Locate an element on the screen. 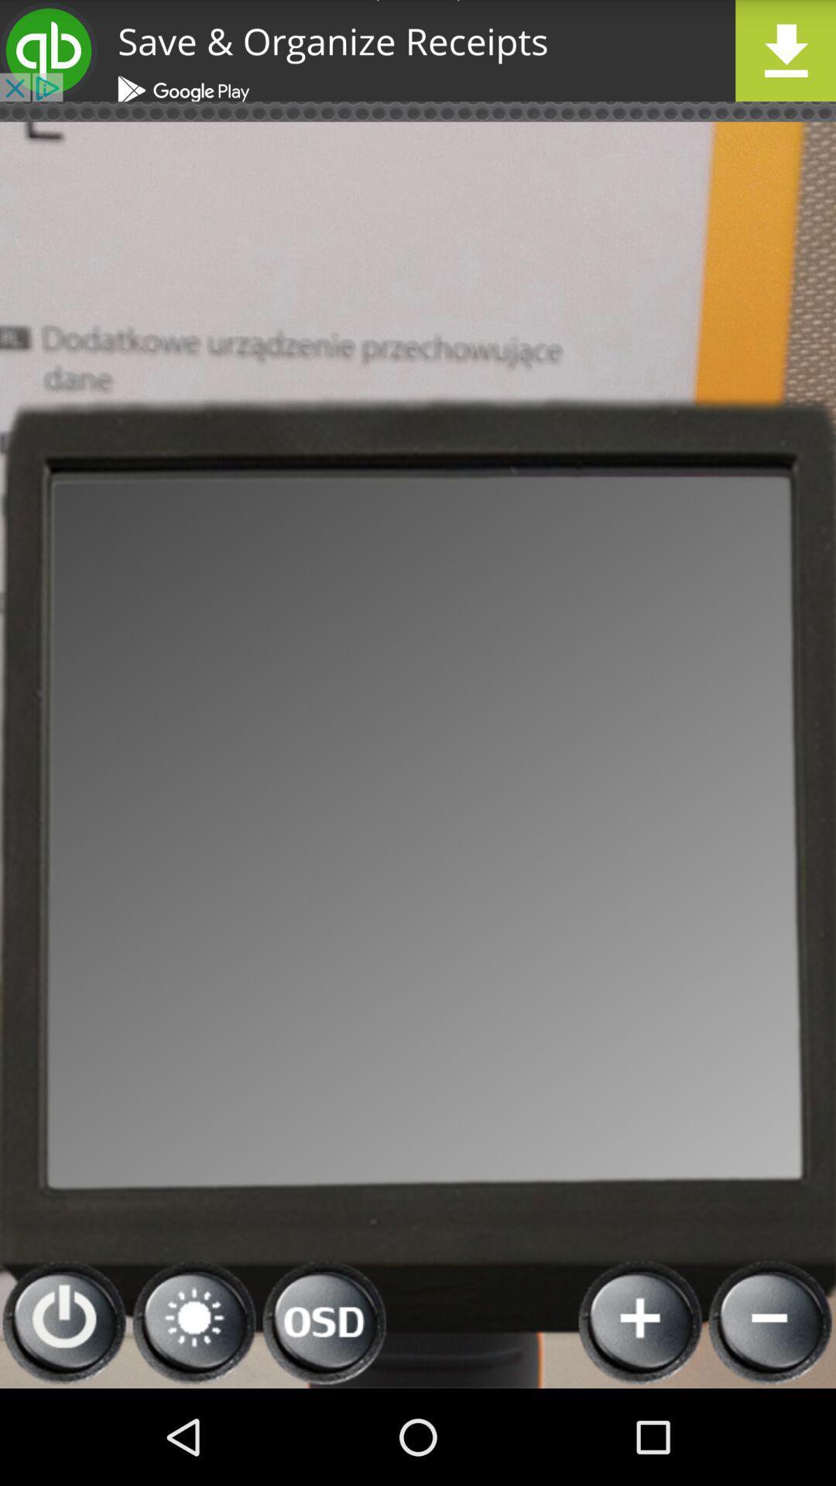 The height and width of the screenshot is (1486, 836). the power icon is located at coordinates (64, 1416).